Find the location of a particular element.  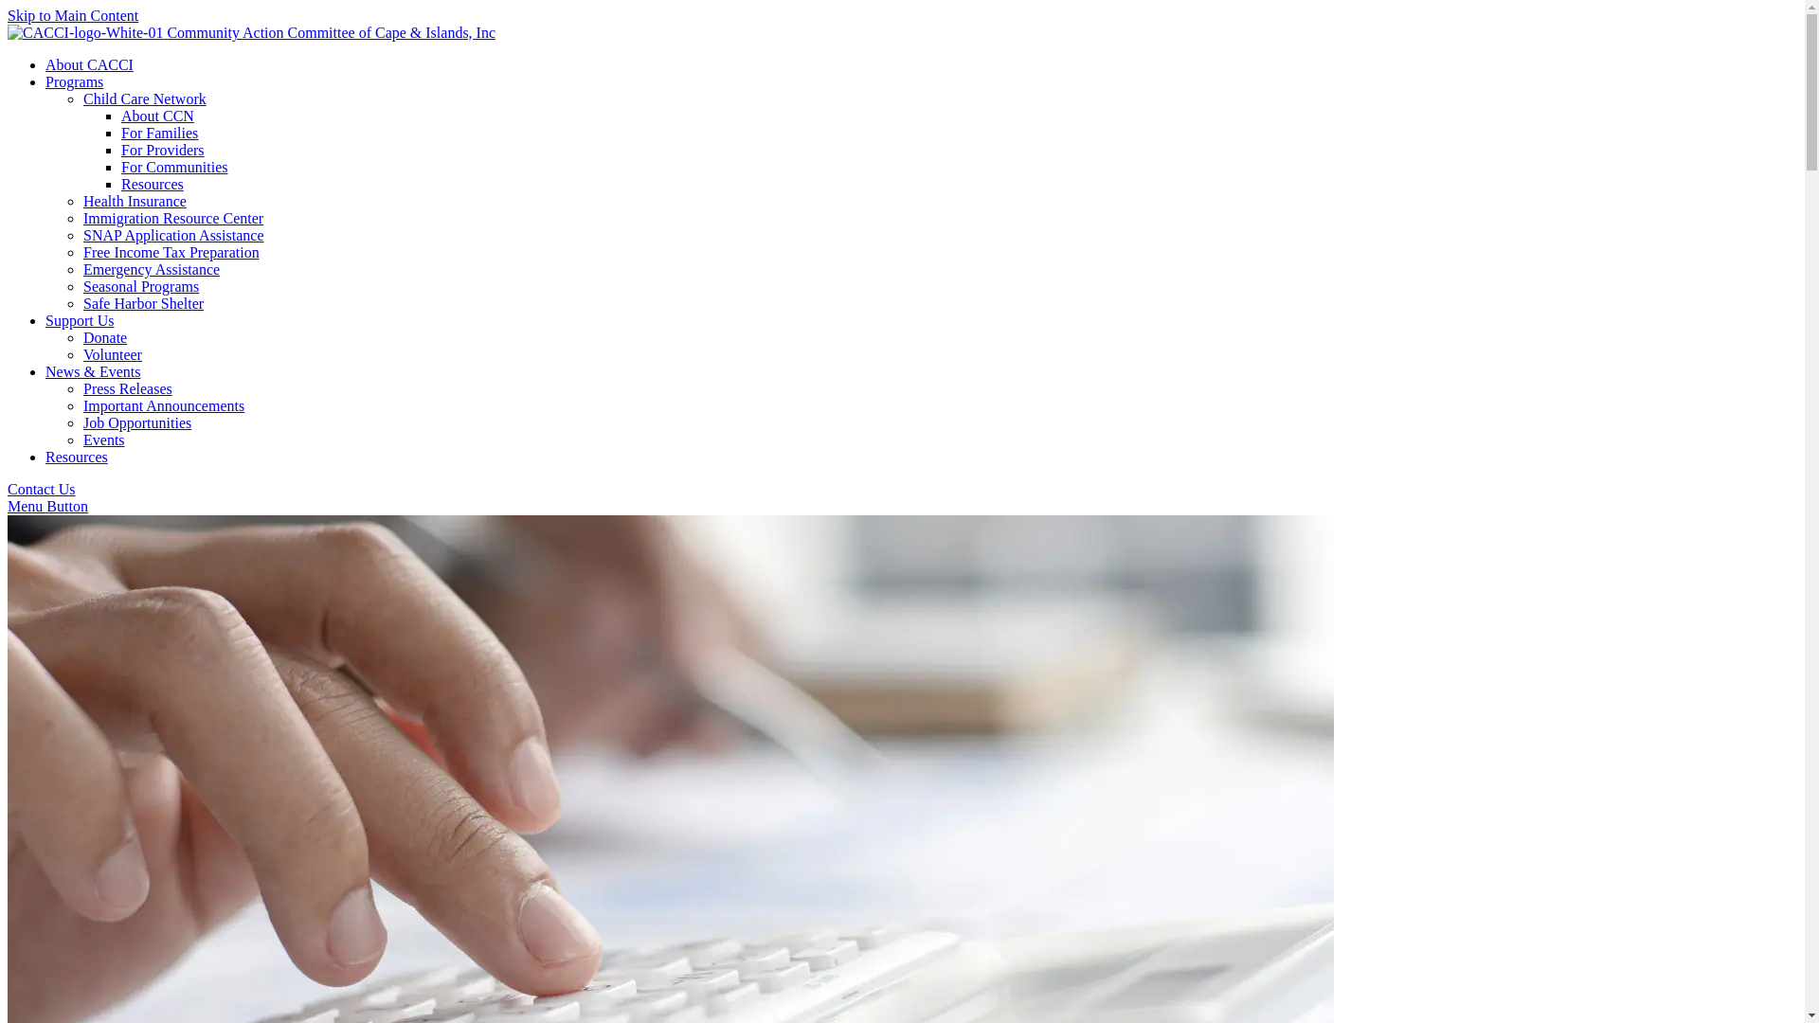

'For Communities' is located at coordinates (120, 166).